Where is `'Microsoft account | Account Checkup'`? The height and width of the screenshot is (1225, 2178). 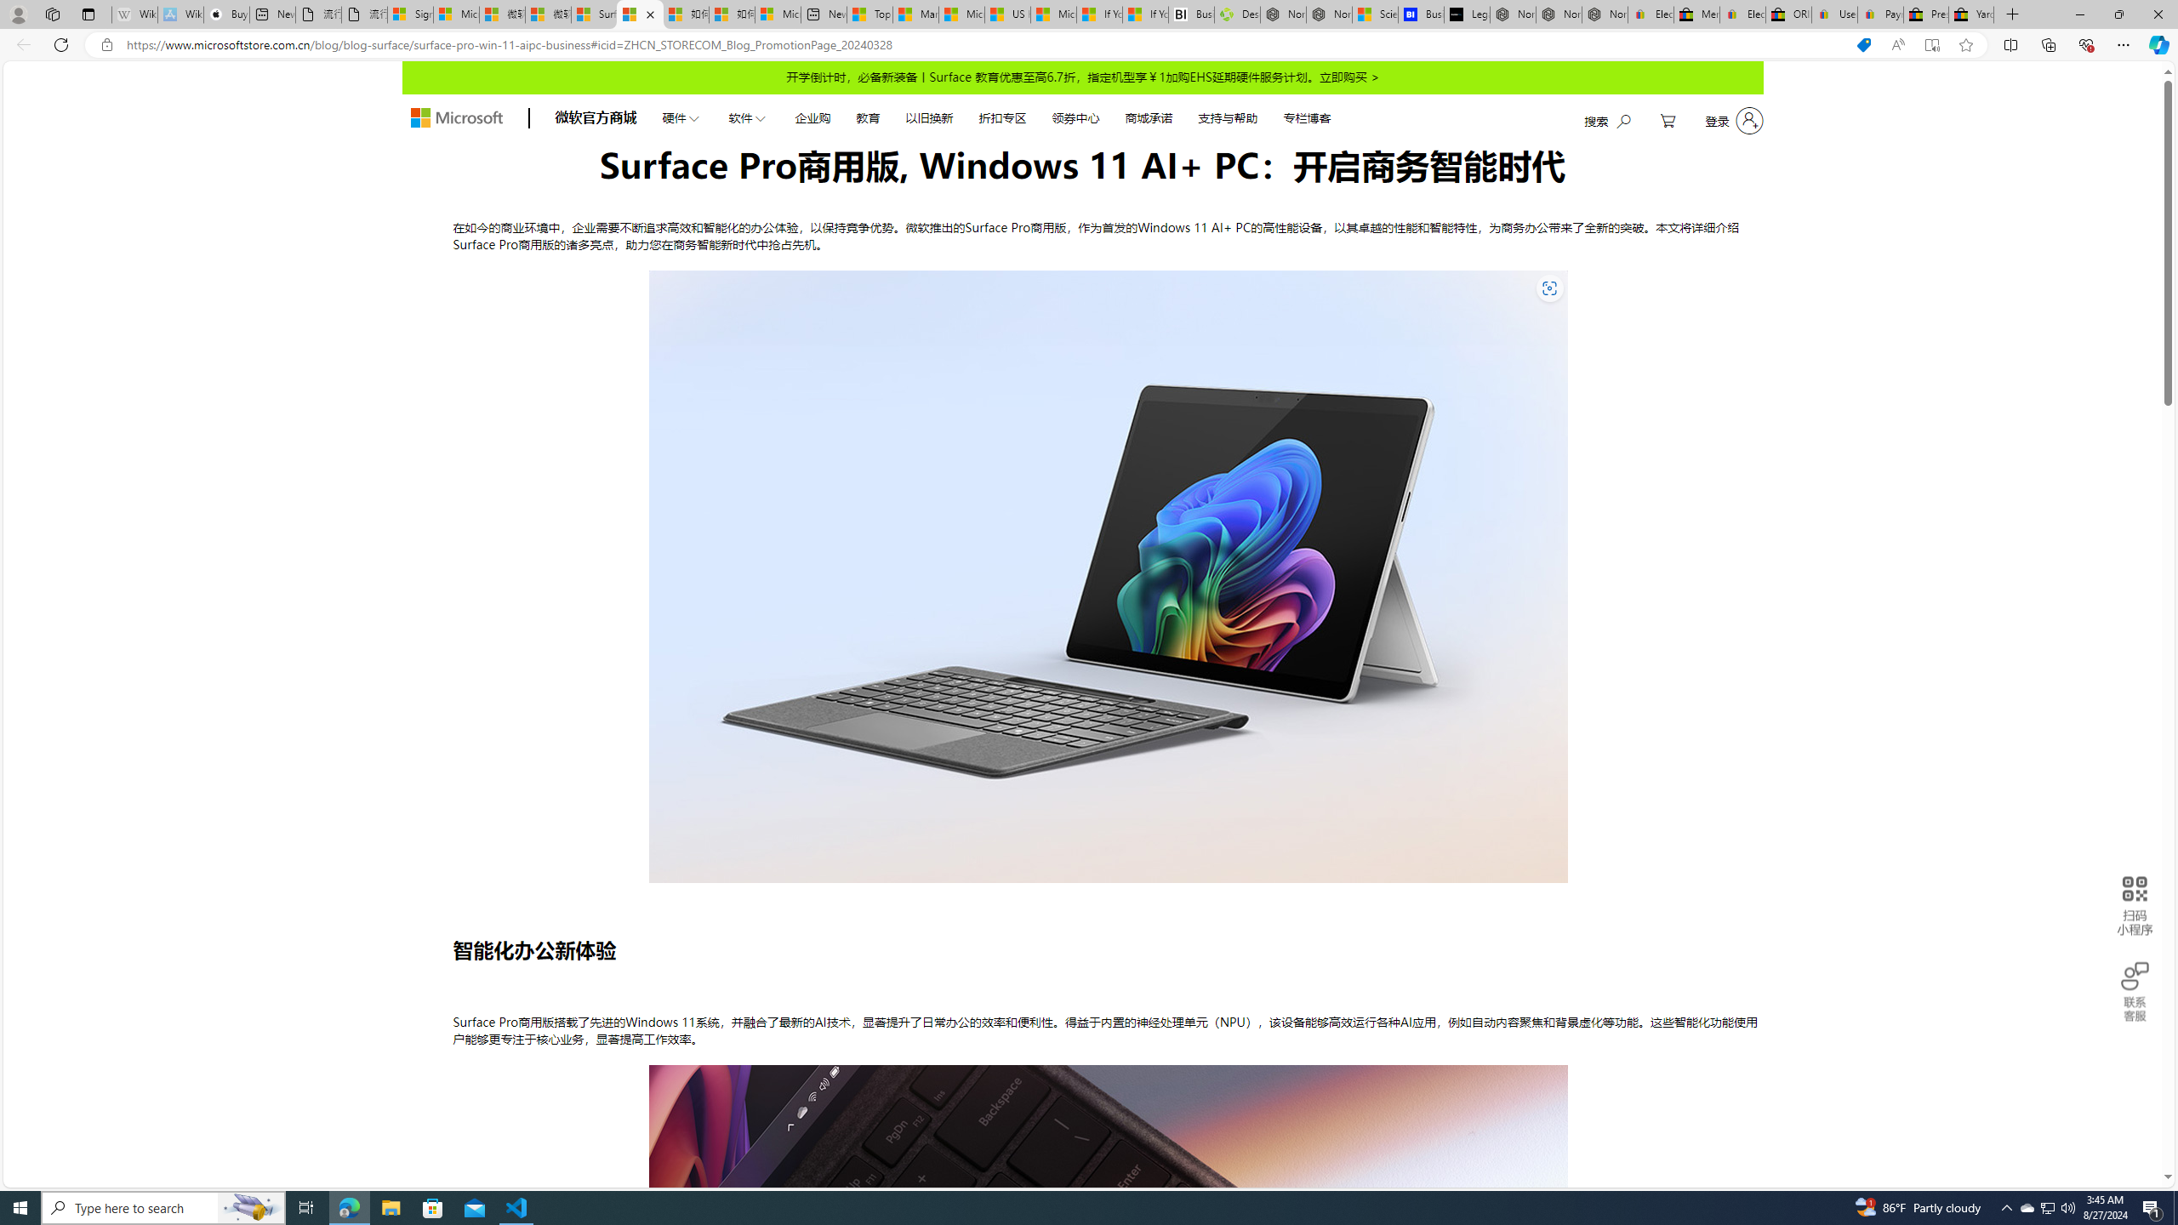
'Microsoft account | Account Checkup' is located at coordinates (777, 14).